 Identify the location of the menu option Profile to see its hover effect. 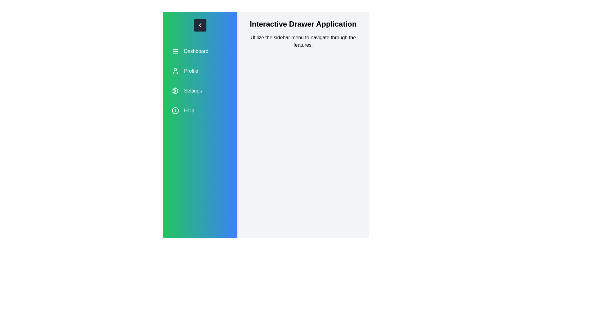
(200, 71).